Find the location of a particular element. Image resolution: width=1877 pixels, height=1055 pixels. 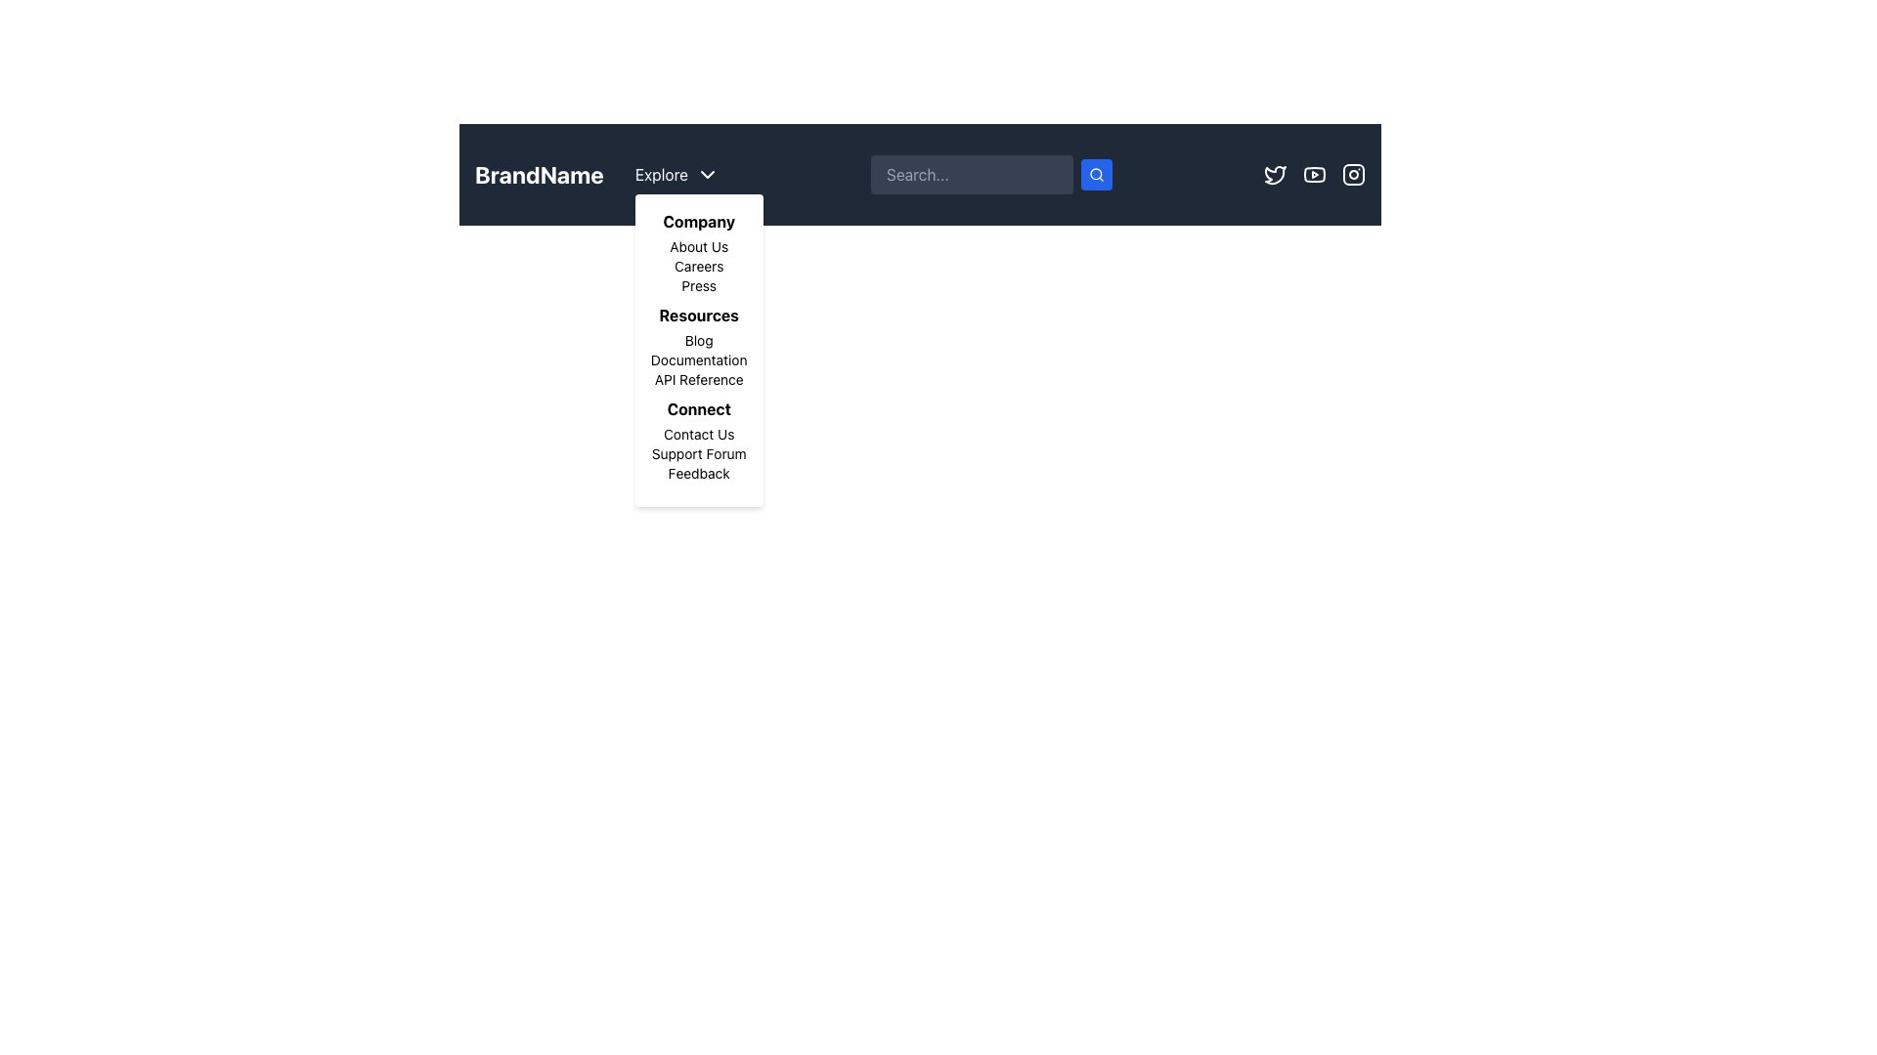

the search bar located centrally within the navigation bar to focus and start typing a search query is located at coordinates (990, 173).